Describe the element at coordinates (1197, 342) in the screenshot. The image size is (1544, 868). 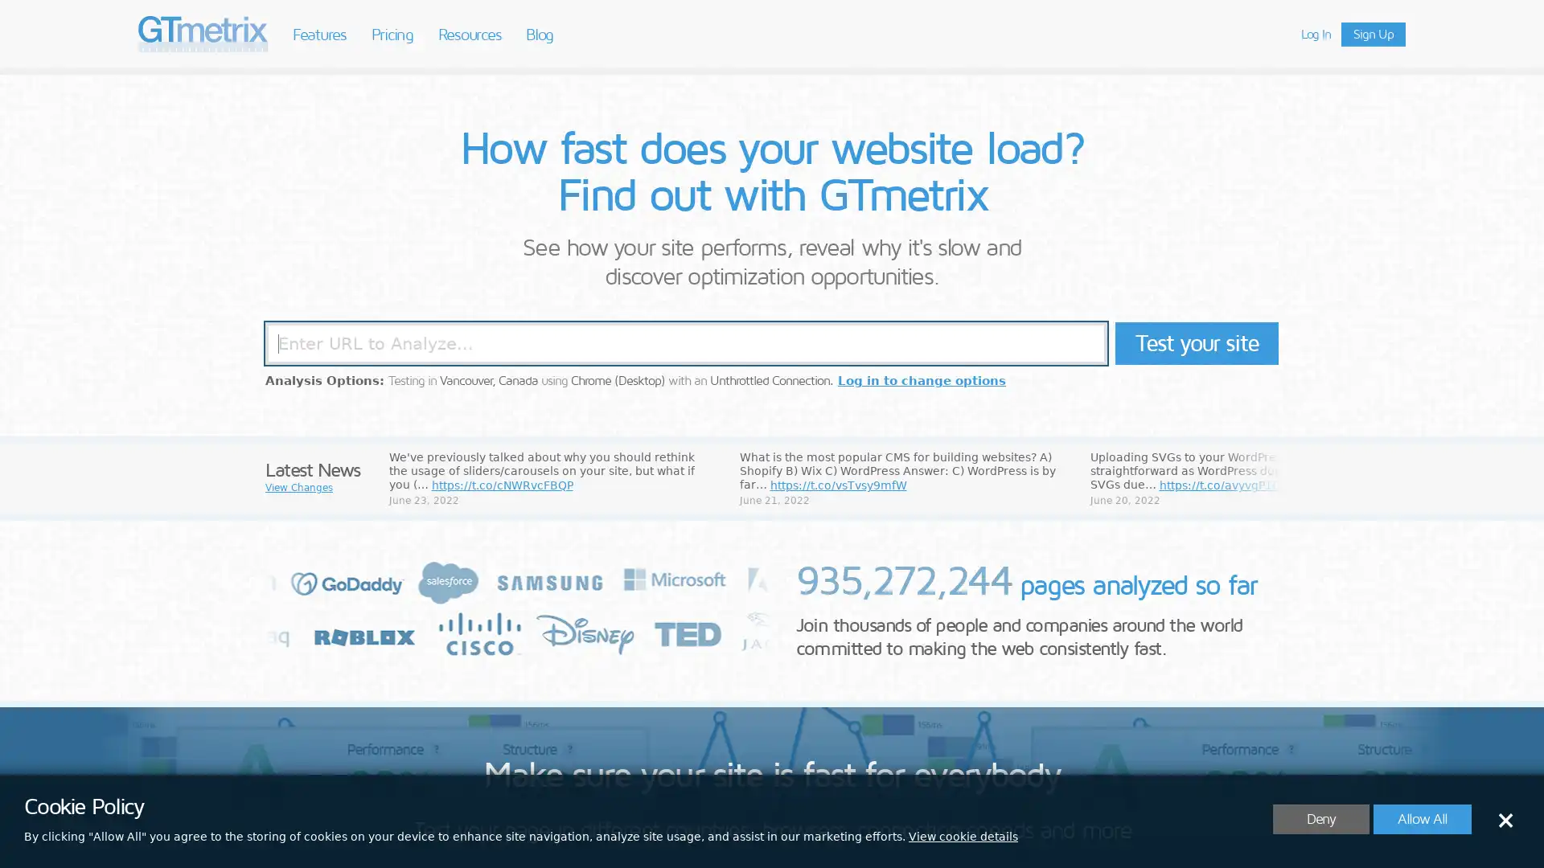
I see `Test your site` at that location.